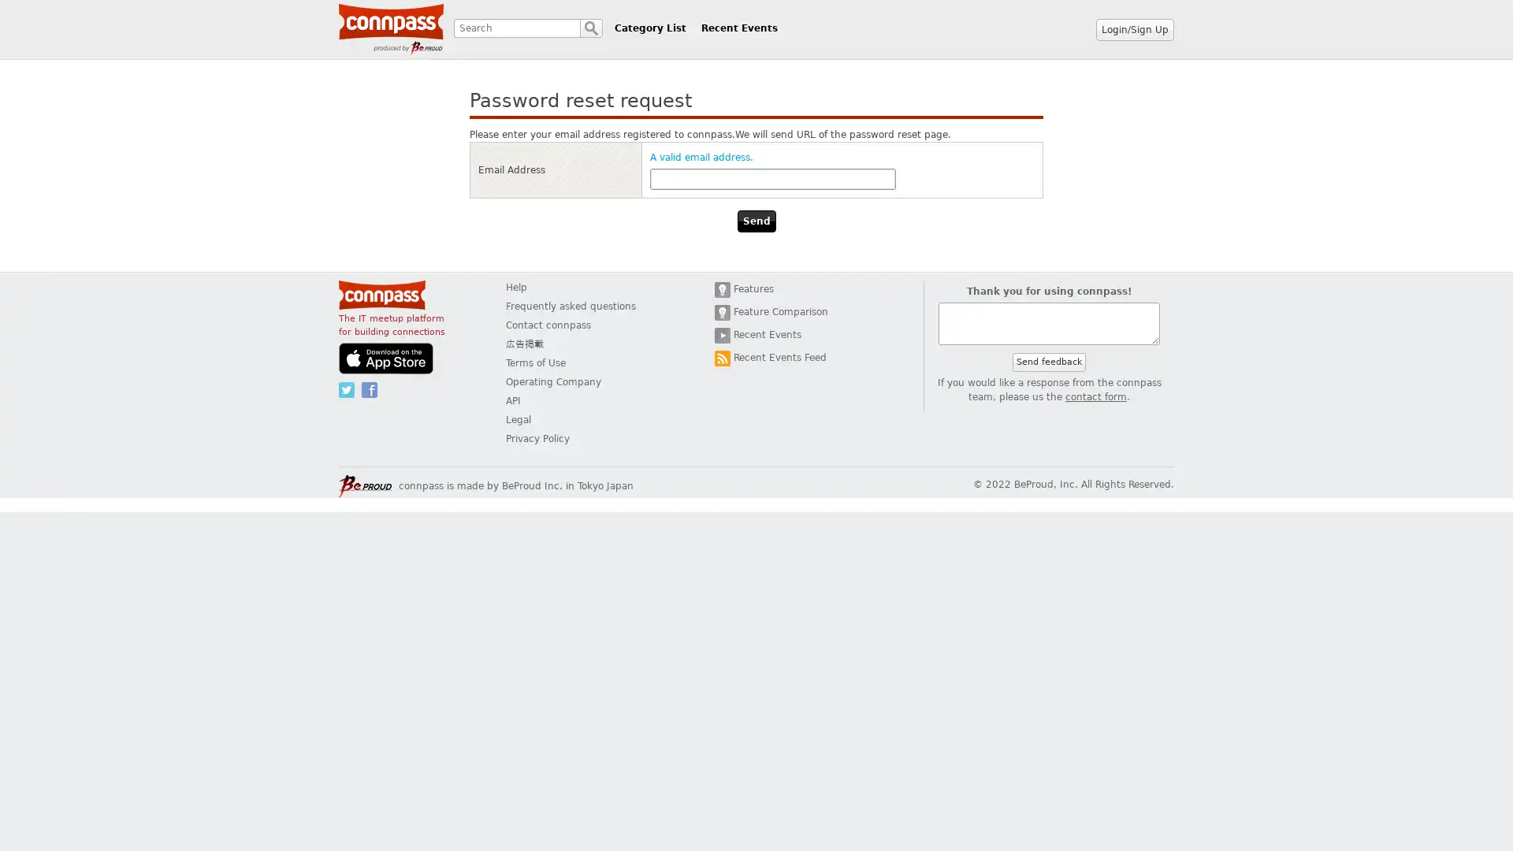 This screenshot has width=1513, height=851. I want to click on Send feedback, so click(1049, 362).